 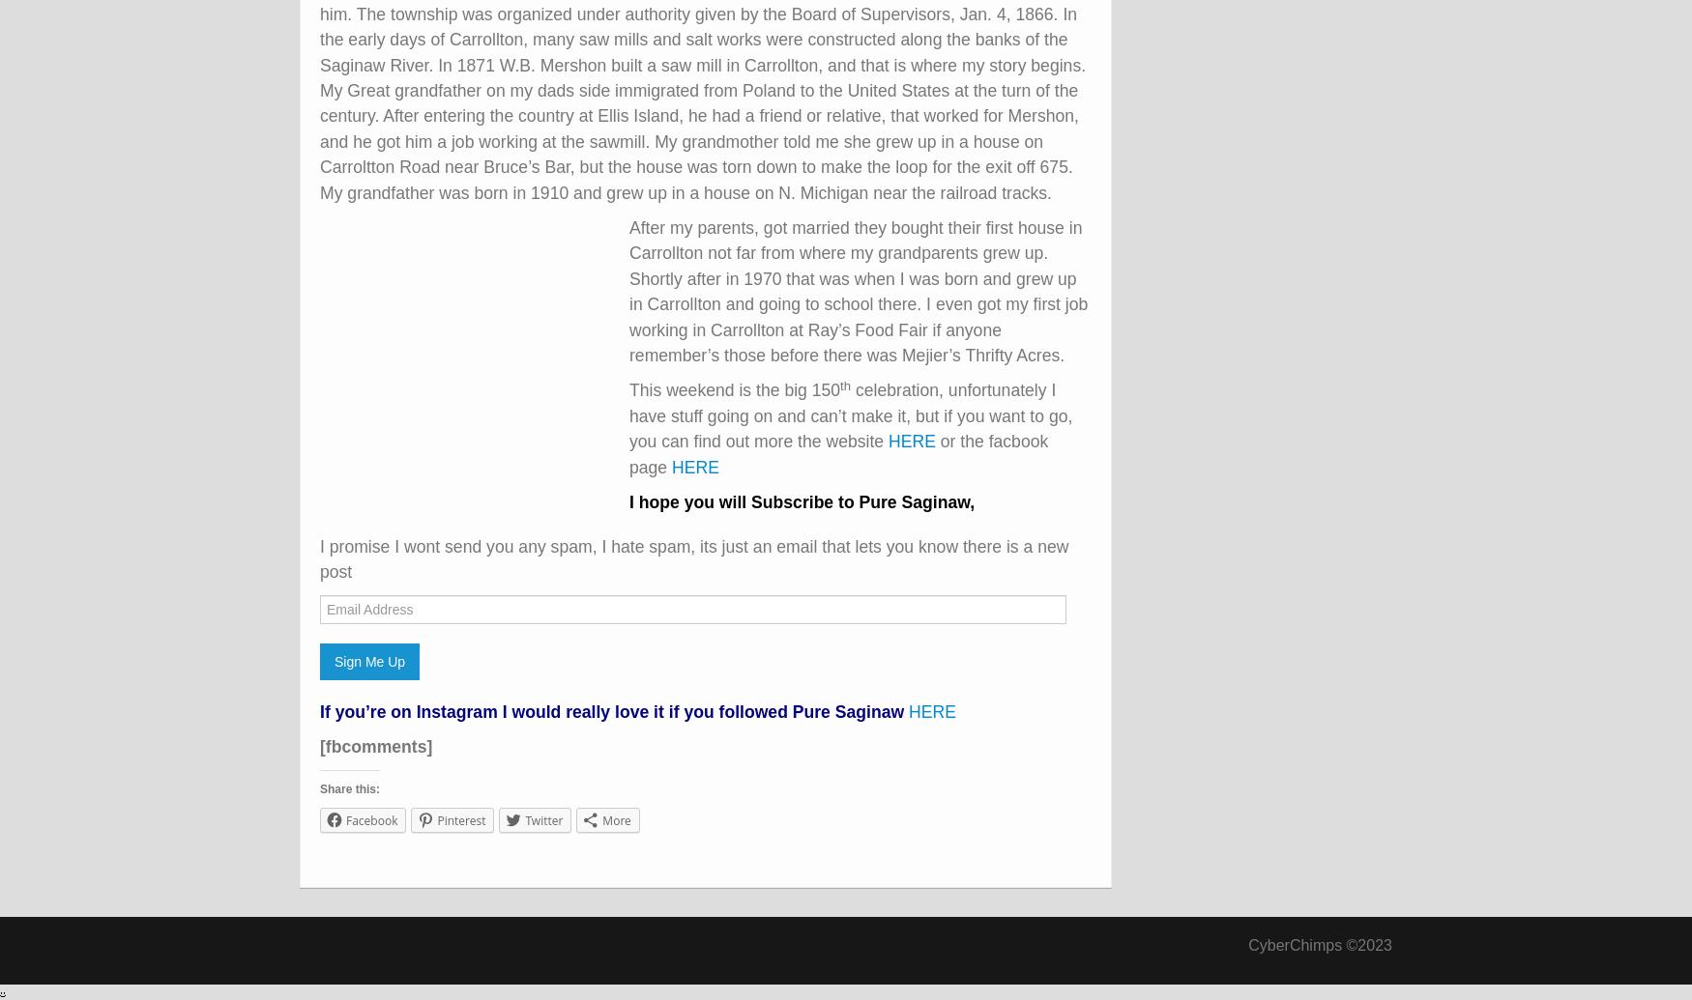 What do you see at coordinates (610, 709) in the screenshot?
I see `'If you’re on Instagram I would really love it if you followed Pure Saginaw'` at bounding box center [610, 709].